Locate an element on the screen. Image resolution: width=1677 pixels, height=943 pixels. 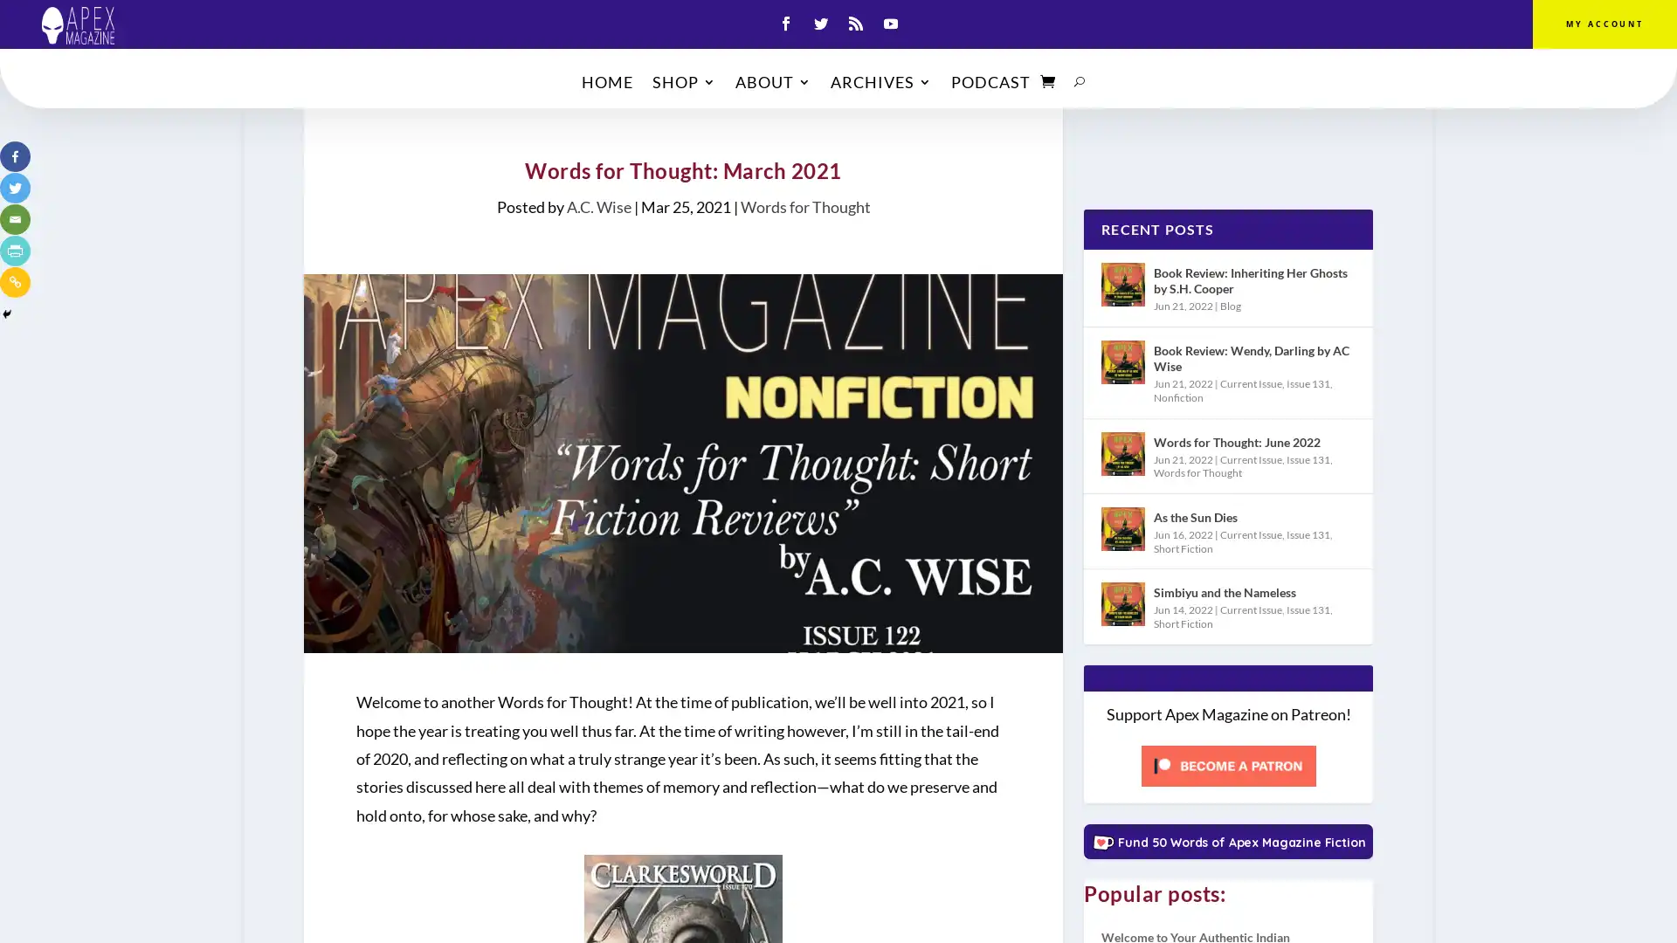
U is located at coordinates (1079, 85).